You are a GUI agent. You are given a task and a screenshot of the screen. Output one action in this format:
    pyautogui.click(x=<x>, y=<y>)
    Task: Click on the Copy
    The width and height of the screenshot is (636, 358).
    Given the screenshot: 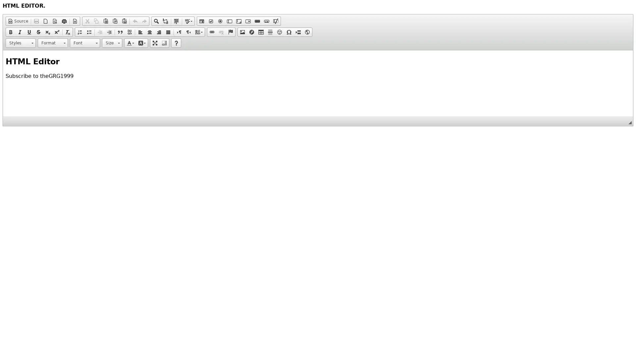 What is the action you would take?
    pyautogui.click(x=96, y=21)
    